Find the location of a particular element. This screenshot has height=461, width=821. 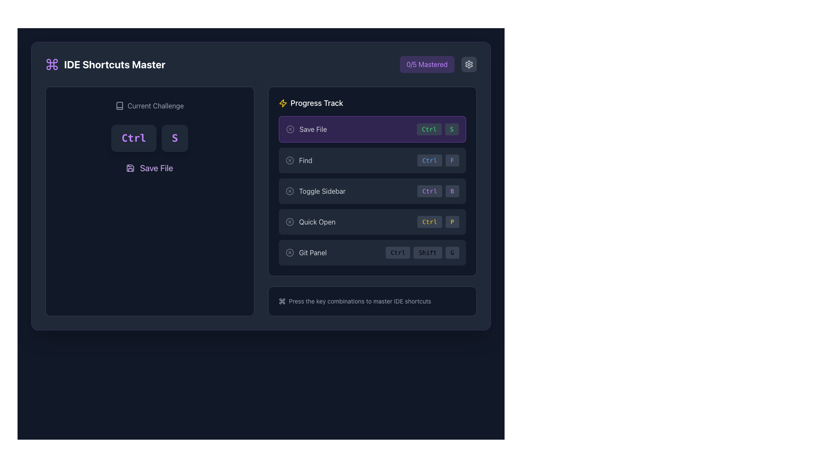

the 'Save File' label in the 'Progress Track' section, which identifies the functionality for saving a file is located at coordinates (313, 129).